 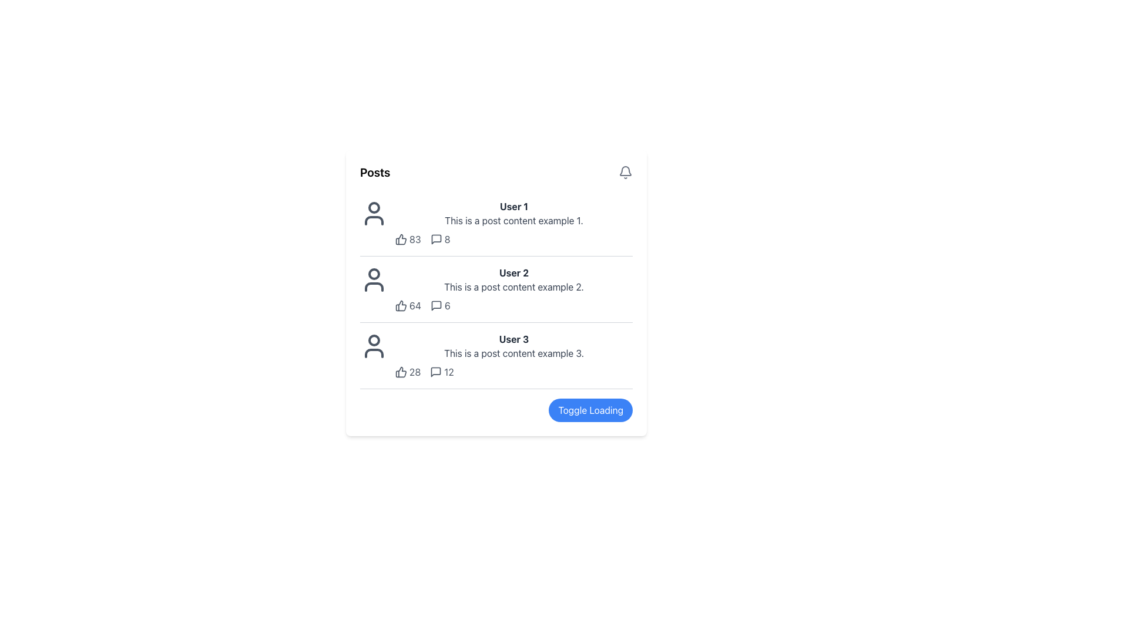 What do you see at coordinates (439, 305) in the screenshot?
I see `the statistical display with a speech bubble icon and the number '6', which is located in the second post entry, right of the like count (64)` at bounding box center [439, 305].